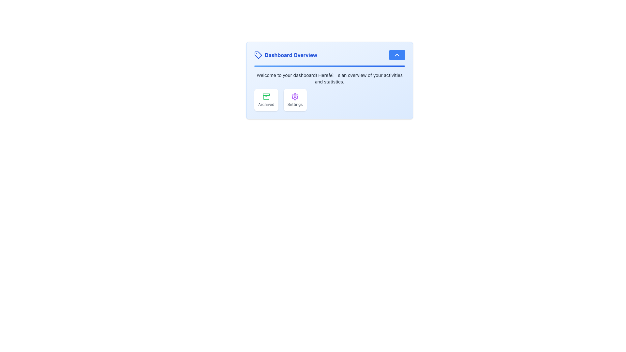  Describe the element at coordinates (266, 97) in the screenshot. I see `the 'Archived' icon, which is the leftmost button in the row below the 'Dashboard Overview' heading` at that location.